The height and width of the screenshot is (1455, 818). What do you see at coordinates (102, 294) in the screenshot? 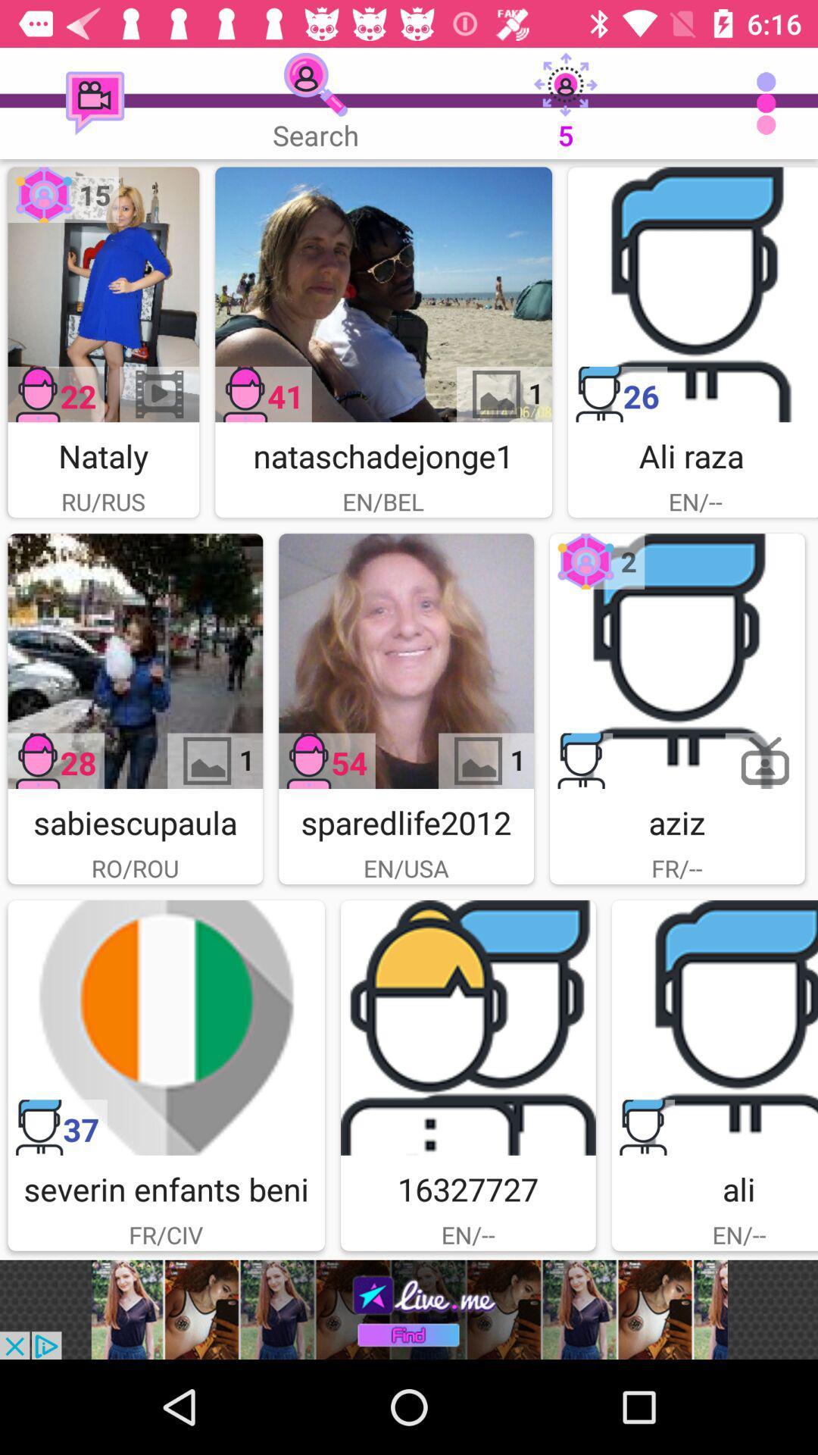
I see `profile picture` at bounding box center [102, 294].